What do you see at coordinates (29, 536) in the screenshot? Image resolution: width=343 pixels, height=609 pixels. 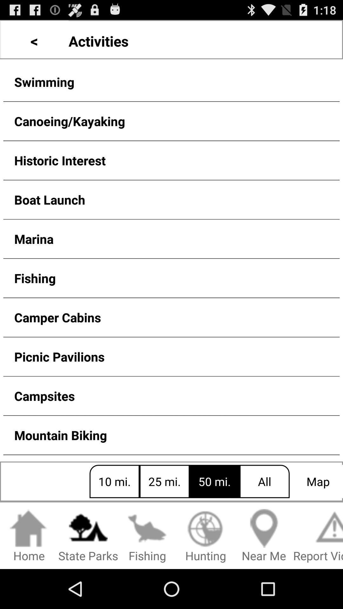 I see `the item below mountain biking app` at bounding box center [29, 536].